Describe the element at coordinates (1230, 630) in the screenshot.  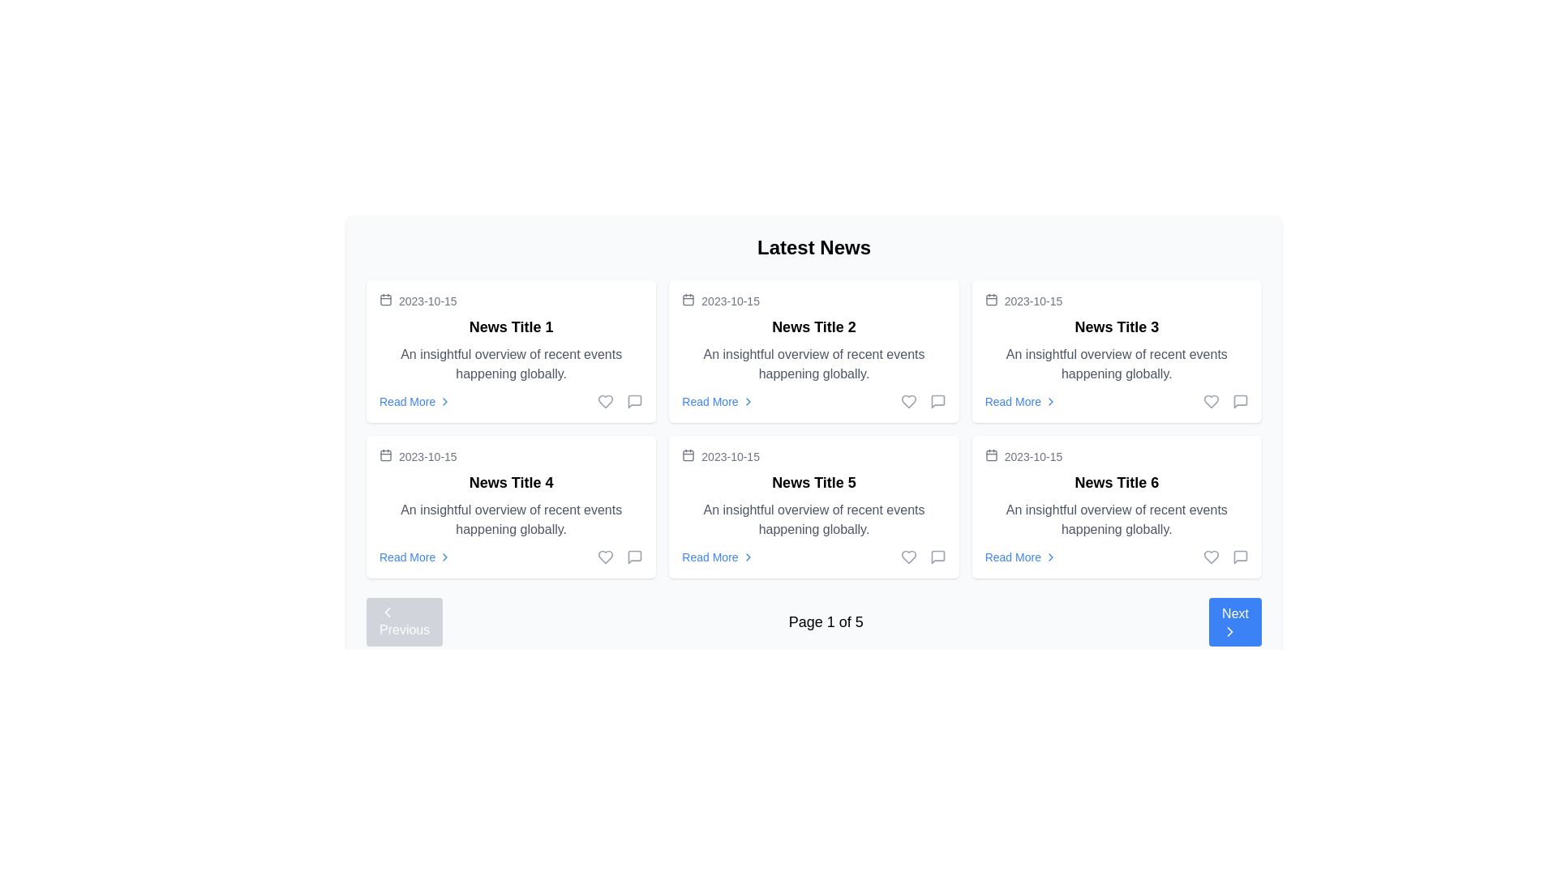
I see `the right-facing chevron icon within the blue 'Next' button` at that location.